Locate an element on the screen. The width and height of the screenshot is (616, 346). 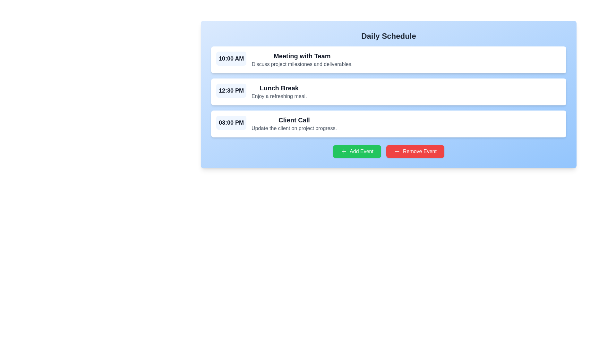
the textual content description element that reads 'Discuss project milestones and deliverables.' located below the title 'Meeting with Team' in the scheduled meeting block is located at coordinates (302, 64).